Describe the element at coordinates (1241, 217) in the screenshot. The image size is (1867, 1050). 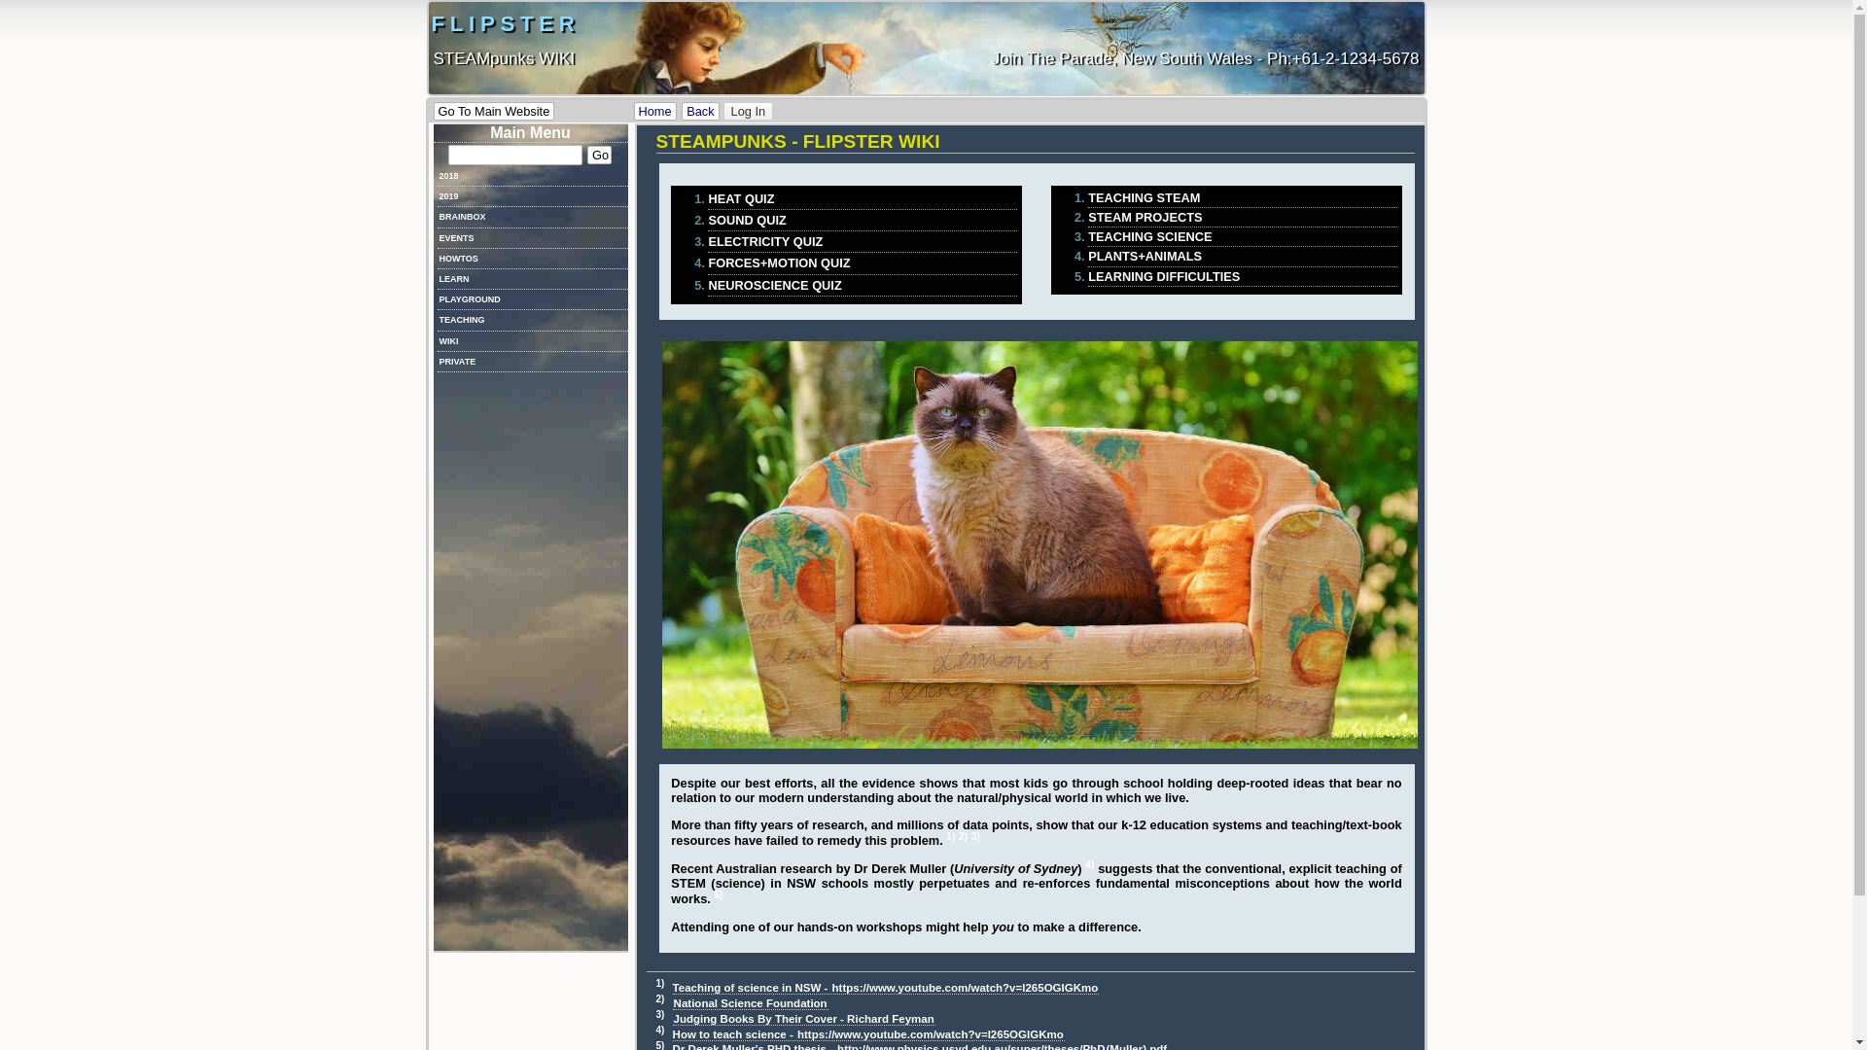
I see `'STEAM PROJECTS'` at that location.